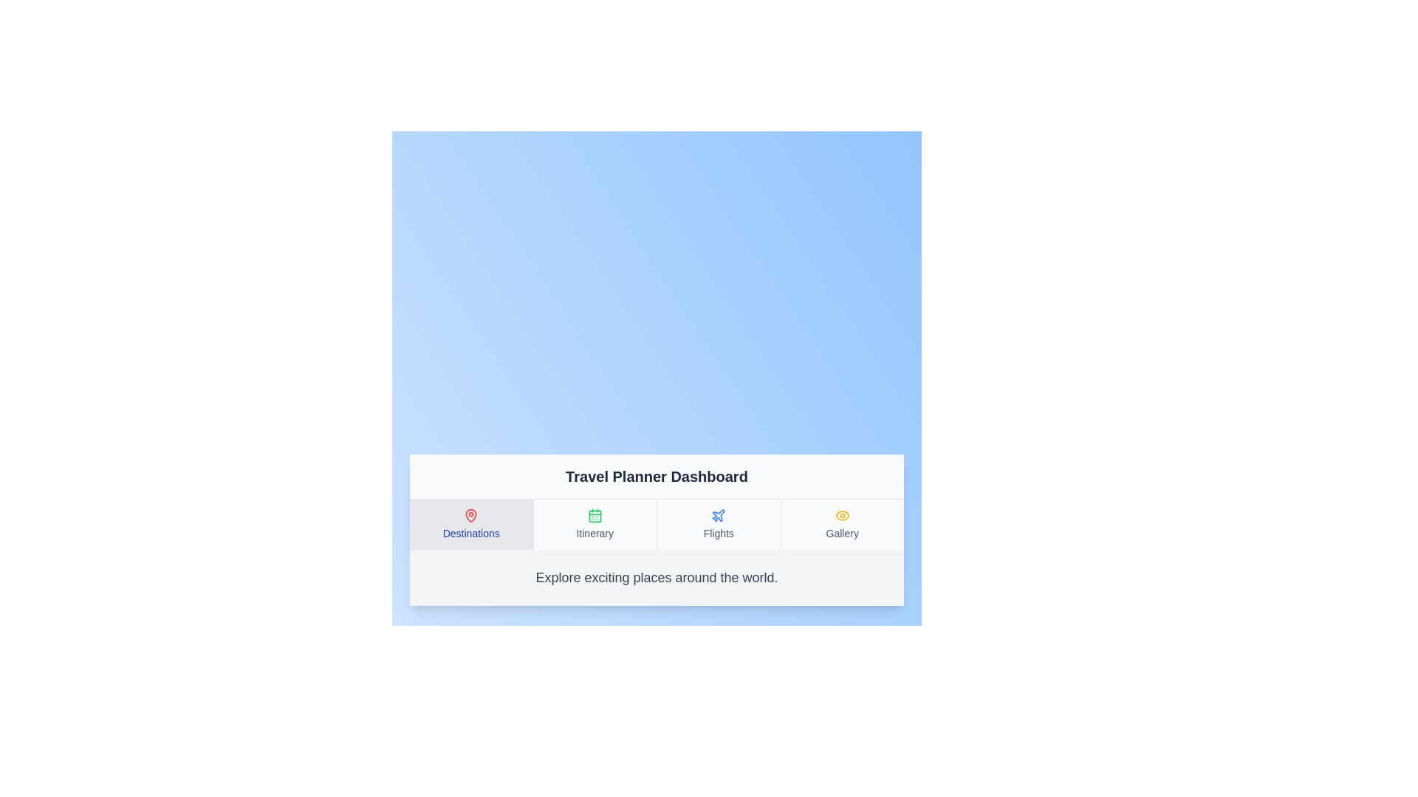 The height and width of the screenshot is (797, 1418). Describe the element at coordinates (595, 523) in the screenshot. I see `the 'Itinerary' button, which is the second item in a horizontal button group located near the top-center section of the page` at that location.